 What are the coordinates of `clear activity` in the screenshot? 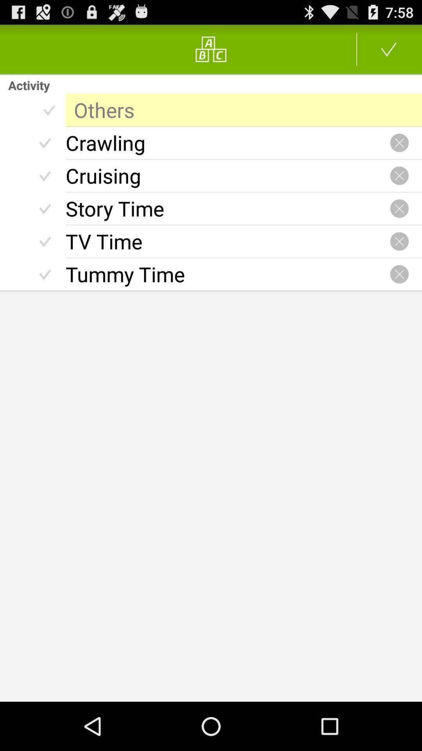 It's located at (399, 241).